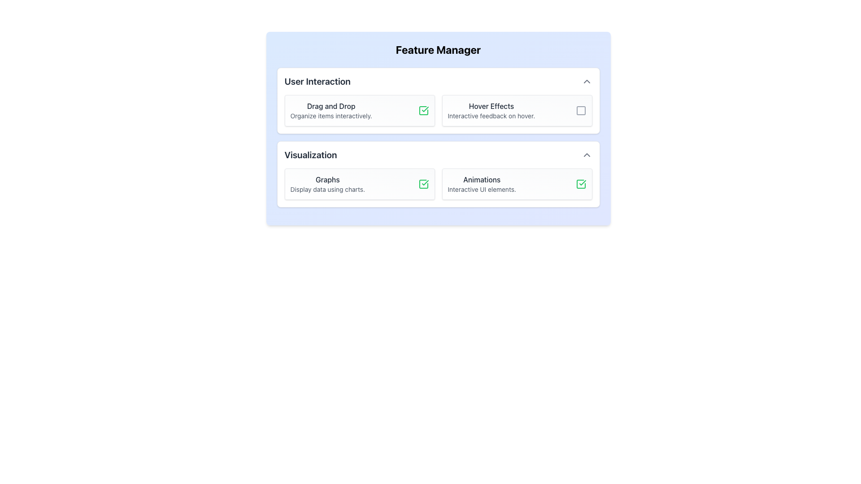  What do you see at coordinates (311, 155) in the screenshot?
I see `the text label 'Visualization', which serves as the title for the corresponding section of the application` at bounding box center [311, 155].